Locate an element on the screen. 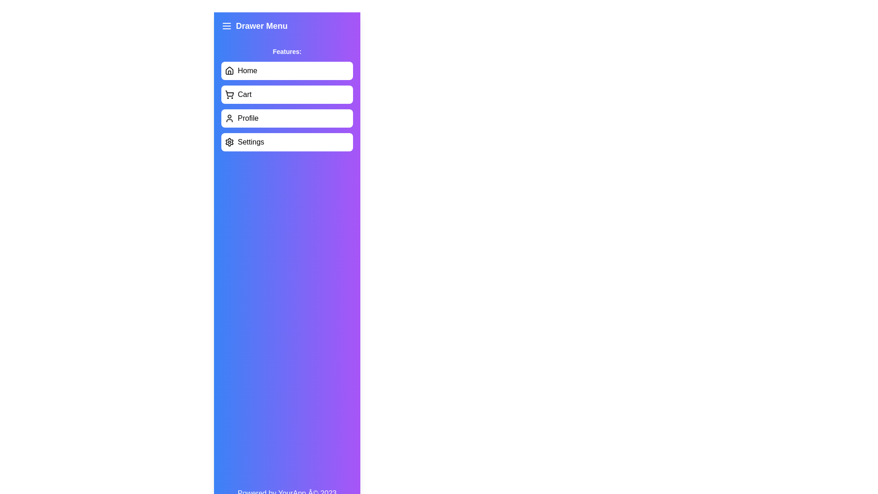 The height and width of the screenshot is (494, 878). the shopping cart icon in the second menu option labeled 'Cart' within the vertical navigation drawer is located at coordinates (230, 95).